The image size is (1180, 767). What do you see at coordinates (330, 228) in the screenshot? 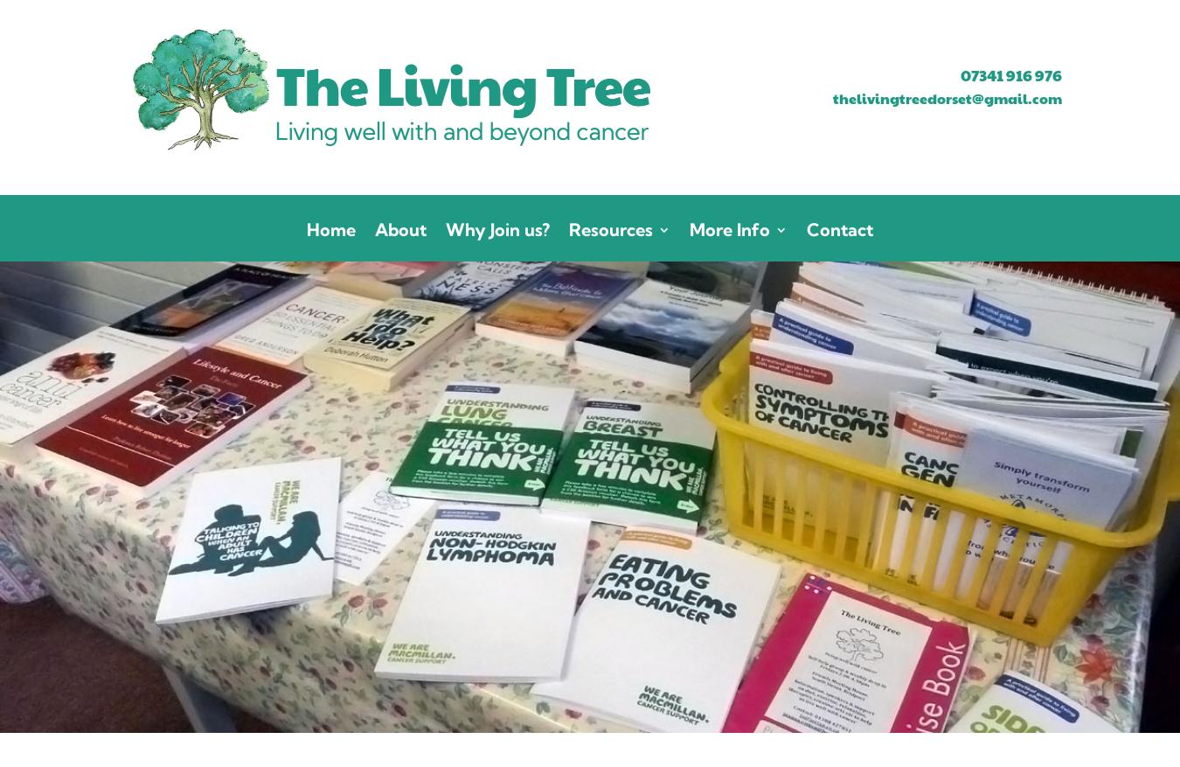
I see `'Home'` at bounding box center [330, 228].